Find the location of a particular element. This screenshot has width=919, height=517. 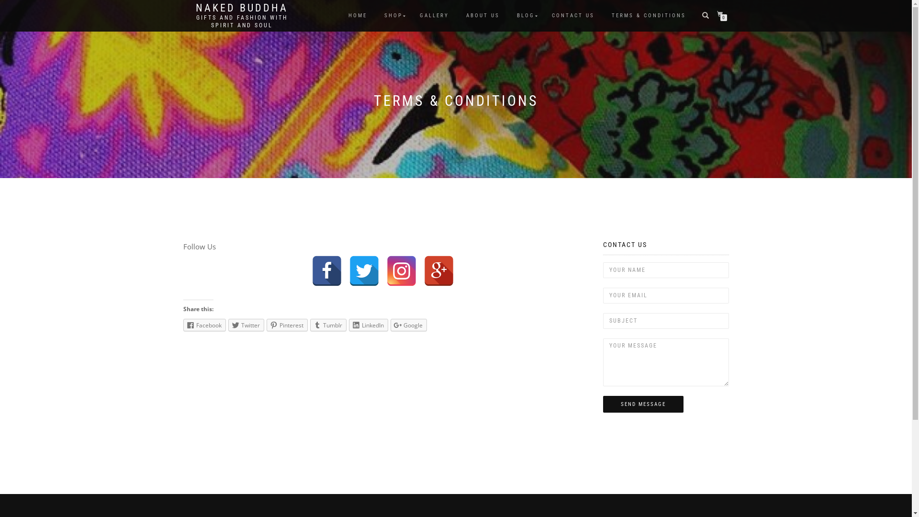

'GIFTS AND FASHION WITH SPIRIT AND SOUL' is located at coordinates (241, 22).